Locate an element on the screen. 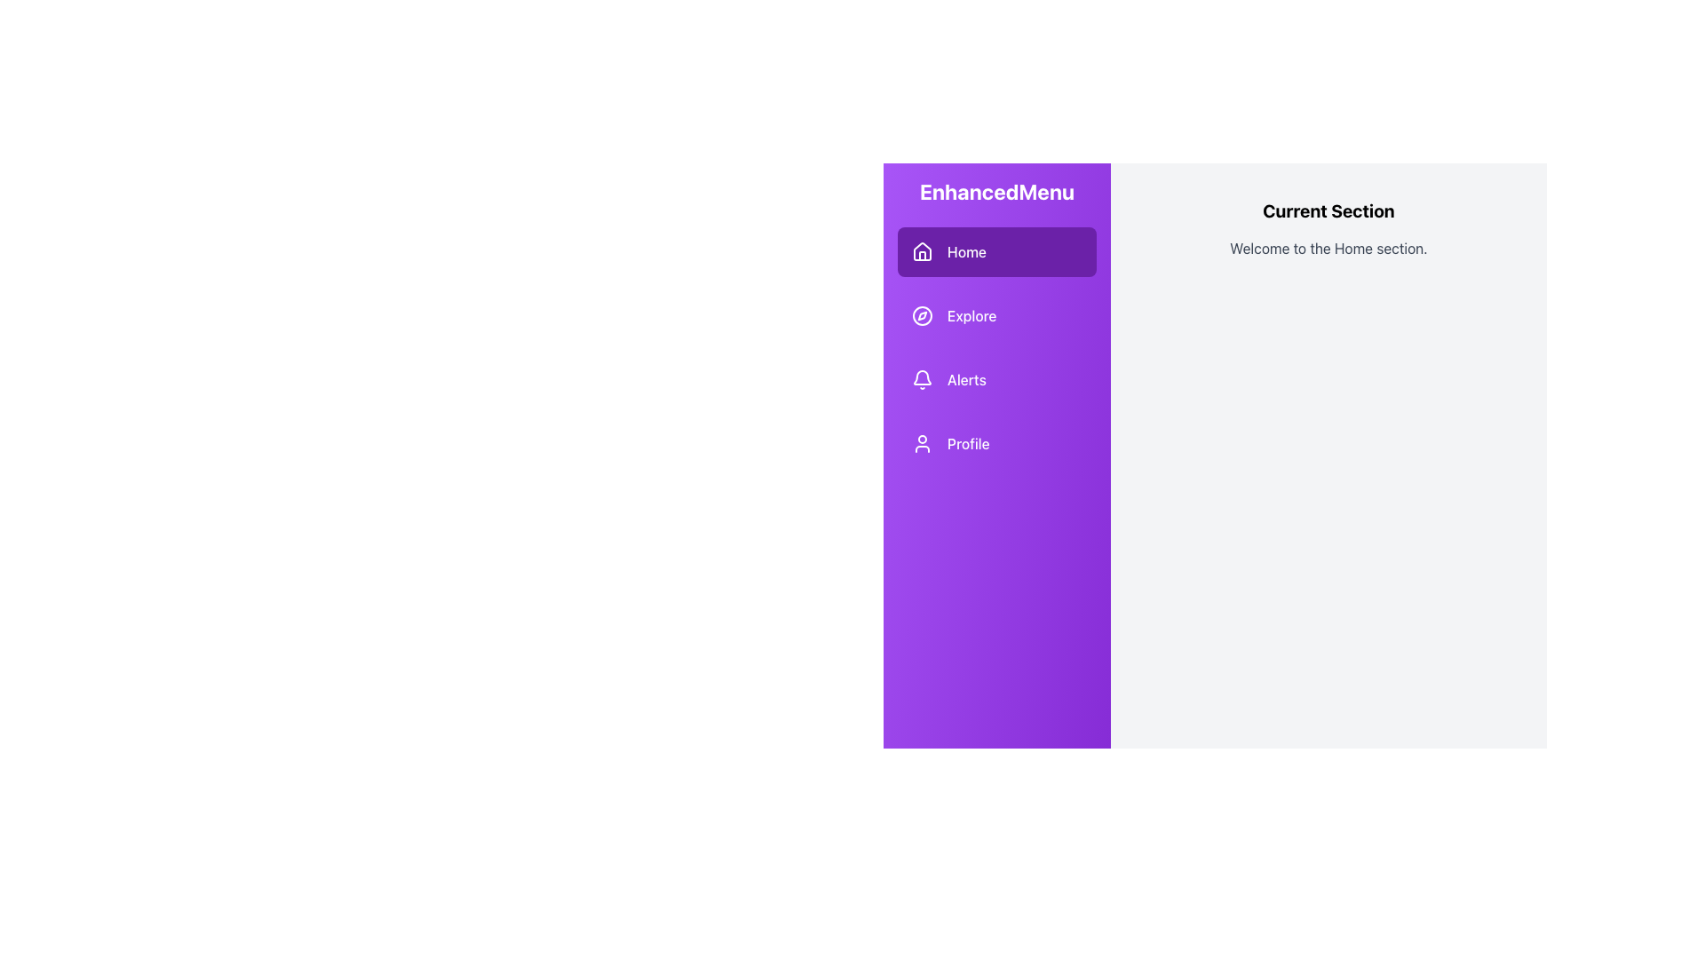 The height and width of the screenshot is (959, 1705). the notification icon located in the left sidebar of the interface, which visually represents alerts and is part of the 'Alerts' menu item is located at coordinates (922, 379).